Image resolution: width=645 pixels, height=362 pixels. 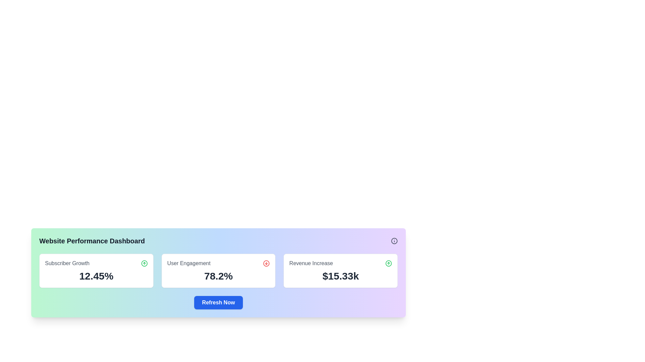 What do you see at coordinates (218, 302) in the screenshot?
I see `the 'Refresh Now' button located centrally within its section to initiate a refresh action for the dashboard data` at bounding box center [218, 302].